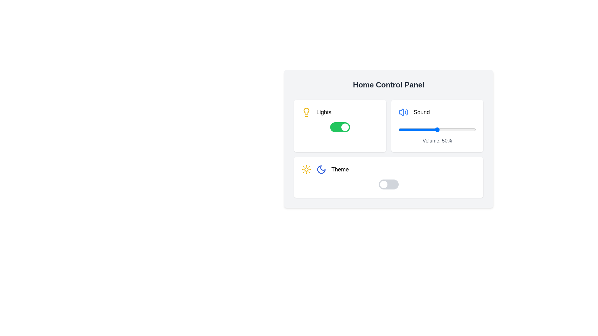  Describe the element at coordinates (321, 169) in the screenshot. I see `the moon icon representing the nighttime or 'dark mode' theme located in the bottom-left quadrant of the Home Control Panel interface, adjacent to the toggle switch for changing themes` at that location.